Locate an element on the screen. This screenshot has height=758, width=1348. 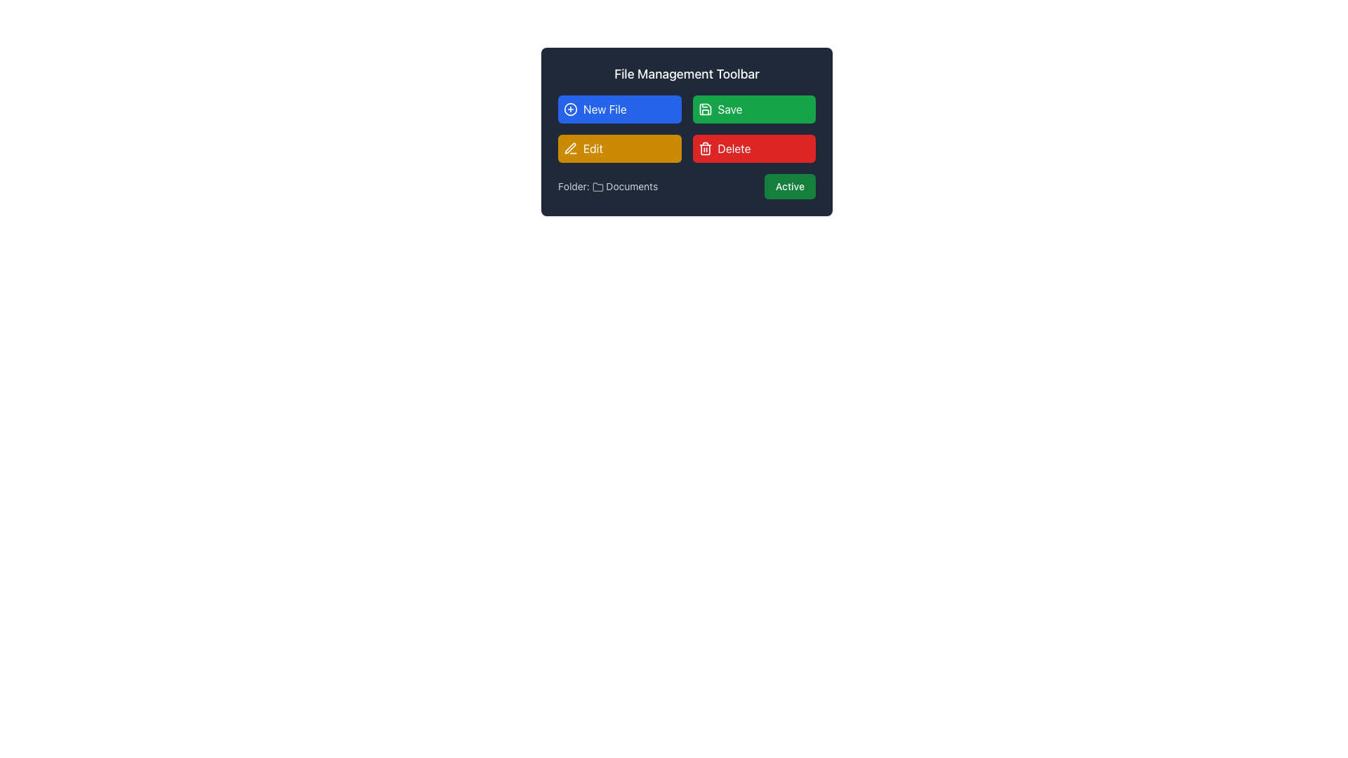
the 'New File' text label, which is displayed in white font on a rounded blue button in the toolbar is located at coordinates (604, 108).